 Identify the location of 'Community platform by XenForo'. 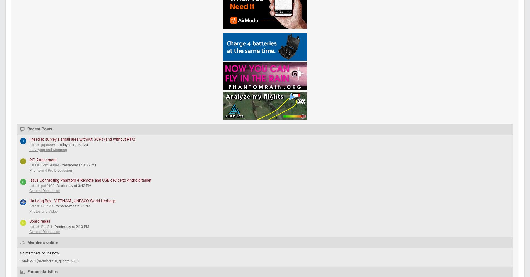
(30, 233).